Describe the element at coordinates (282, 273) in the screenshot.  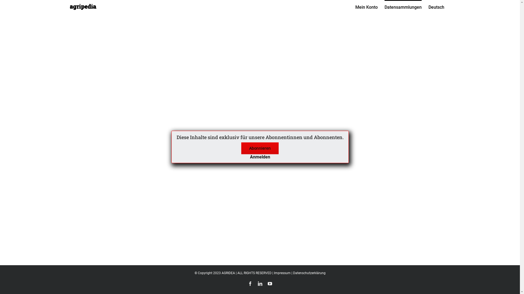
I see `'Impressum'` at that location.